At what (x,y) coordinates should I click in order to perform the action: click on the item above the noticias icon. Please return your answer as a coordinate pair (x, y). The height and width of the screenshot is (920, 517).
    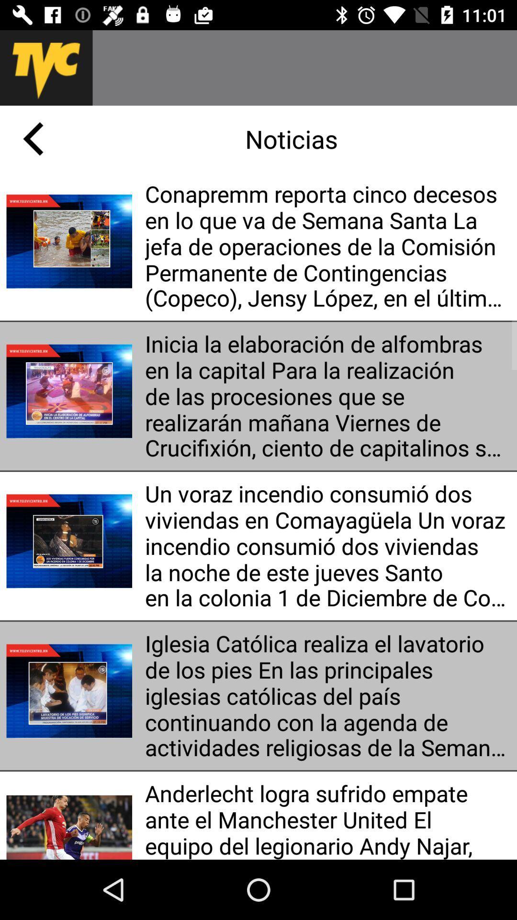
    Looking at the image, I should click on (304, 67).